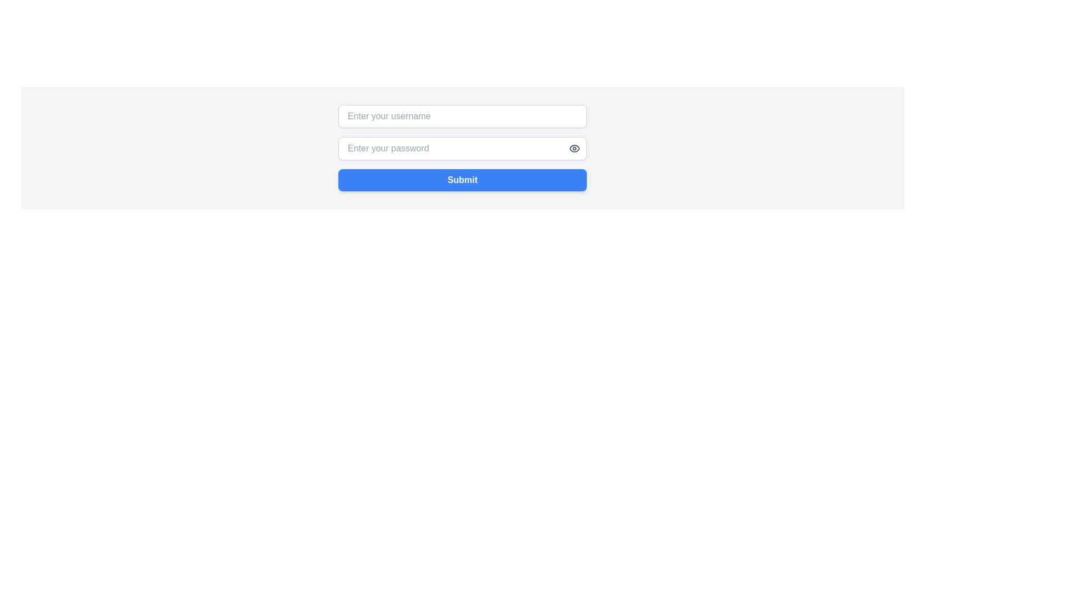 The height and width of the screenshot is (599, 1065). I want to click on the eye-shaped icon located at the far right corner of the password input field, so click(575, 148).